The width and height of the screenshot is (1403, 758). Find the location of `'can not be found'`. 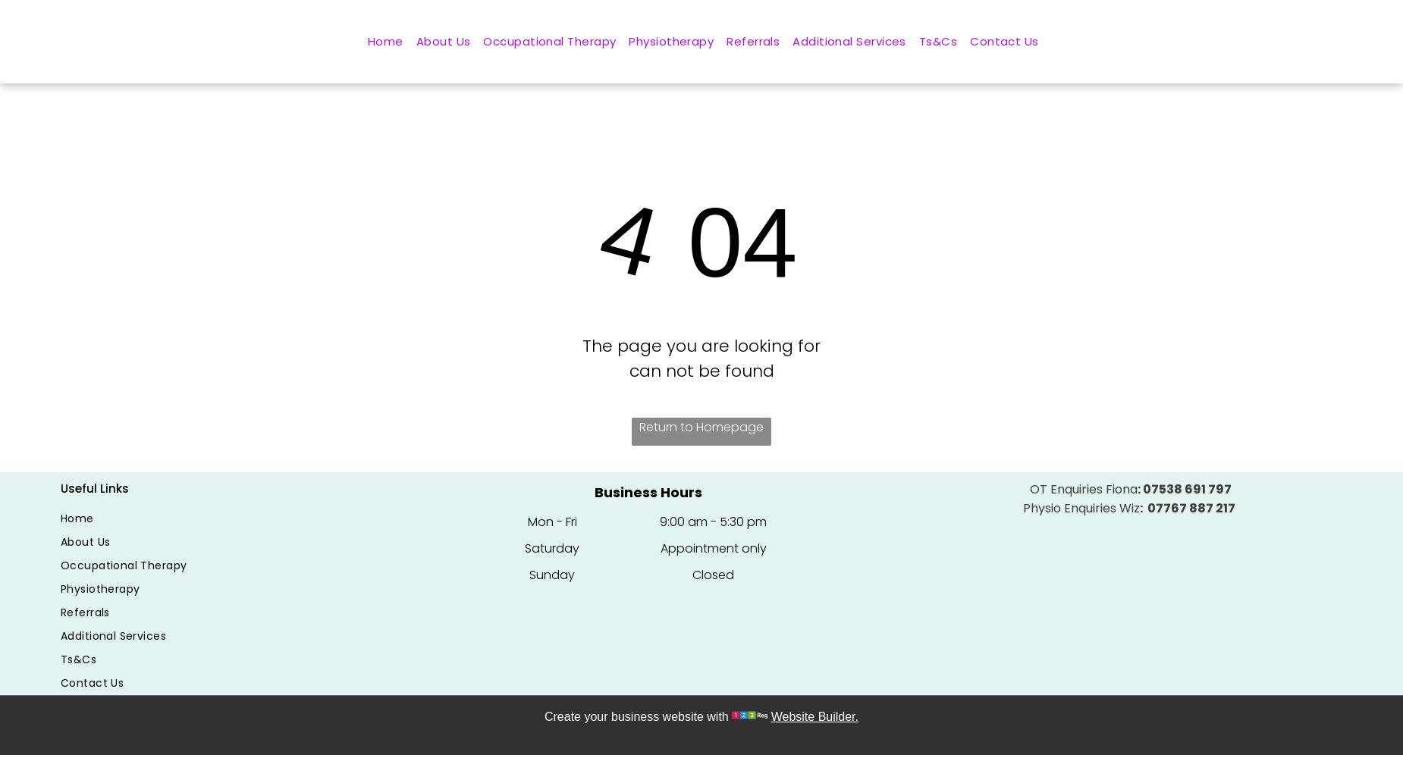

'can not be found' is located at coordinates (701, 369).